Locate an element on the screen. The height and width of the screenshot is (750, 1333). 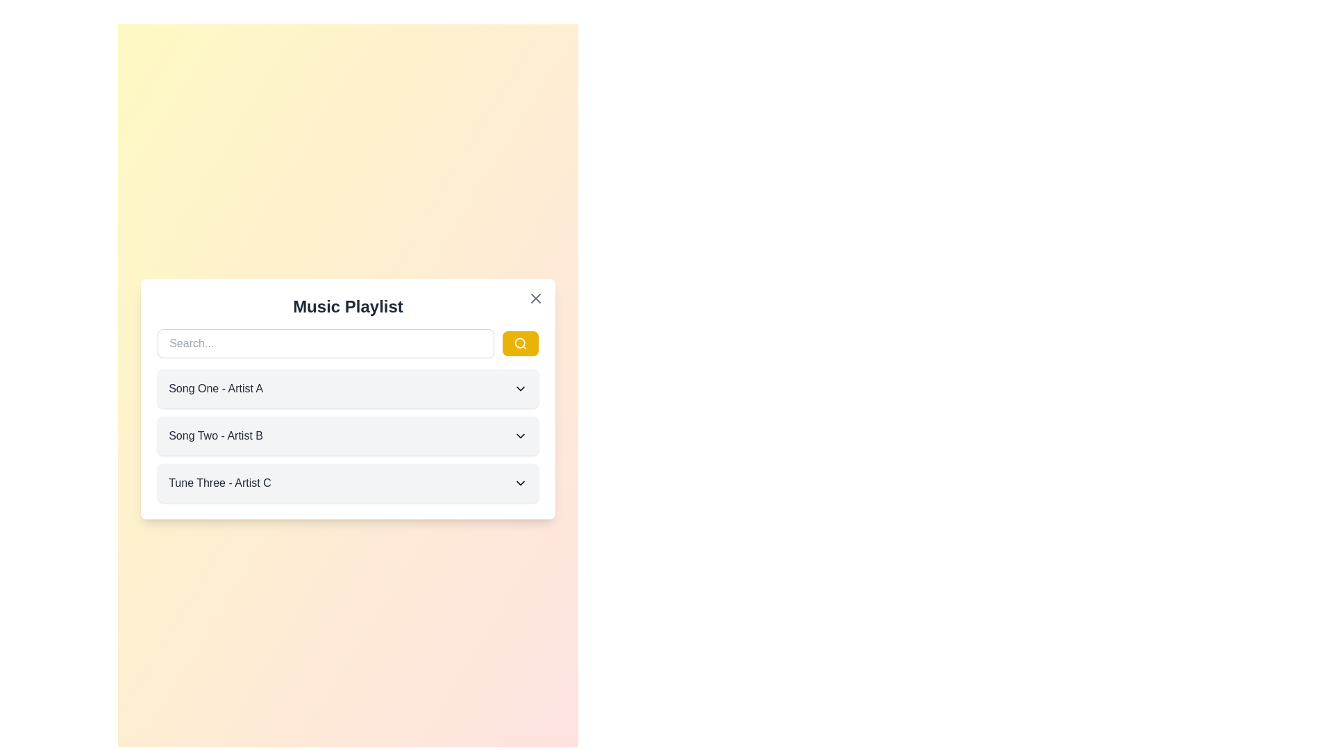
the collapsible list item labeled 'Tune Three - Artist C' is located at coordinates (348, 482).